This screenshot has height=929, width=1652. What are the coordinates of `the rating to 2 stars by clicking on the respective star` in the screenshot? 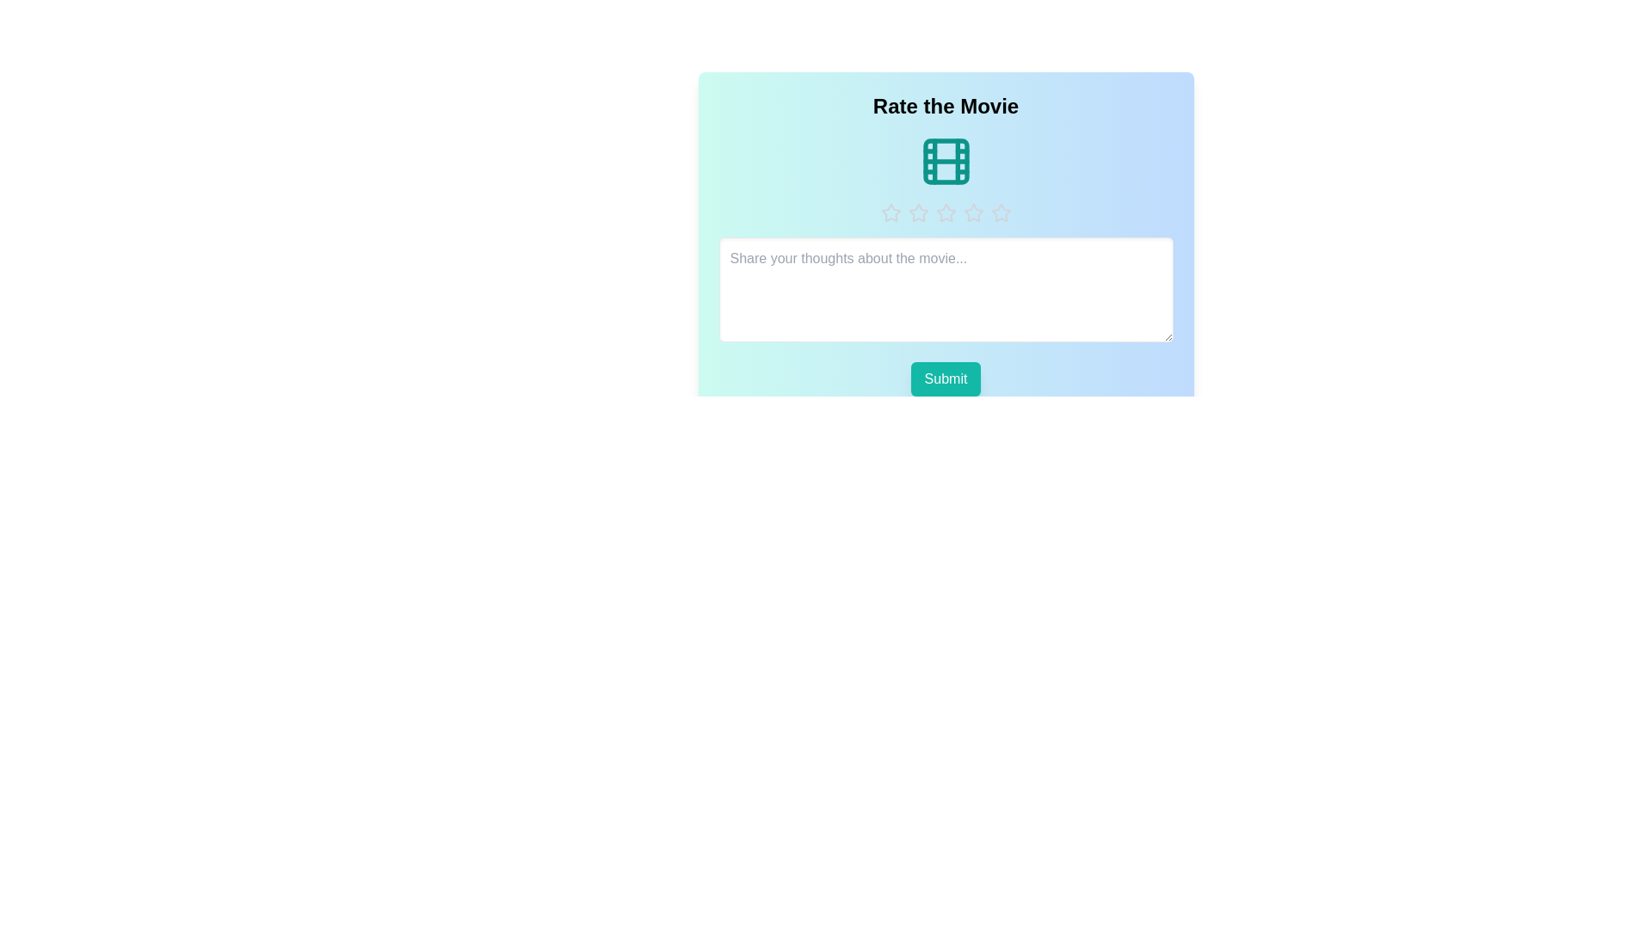 It's located at (917, 212).